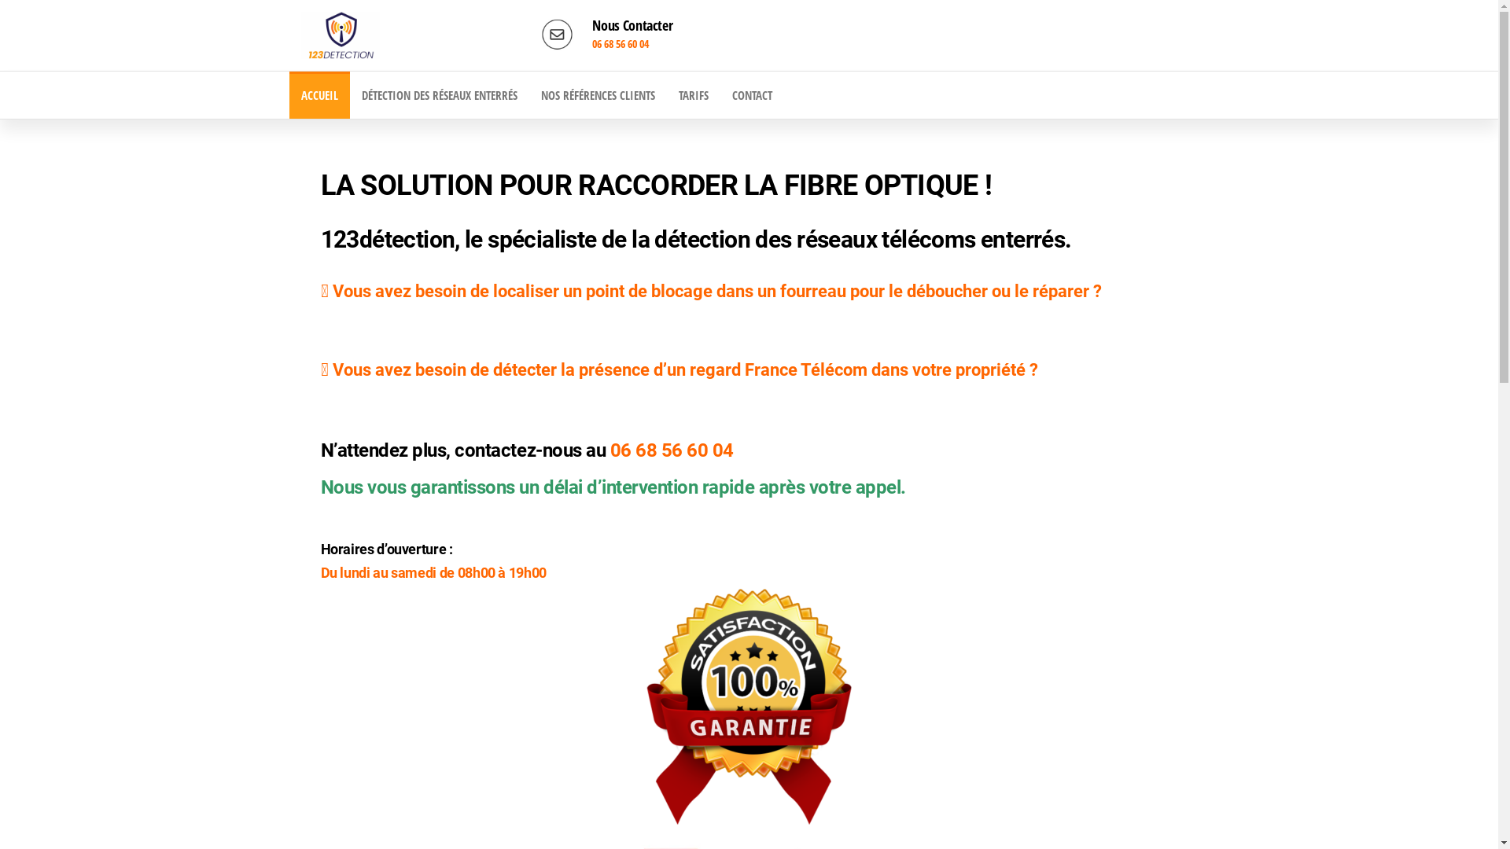 The width and height of the screenshot is (1510, 849). I want to click on 'CONTACT', so click(720, 94).